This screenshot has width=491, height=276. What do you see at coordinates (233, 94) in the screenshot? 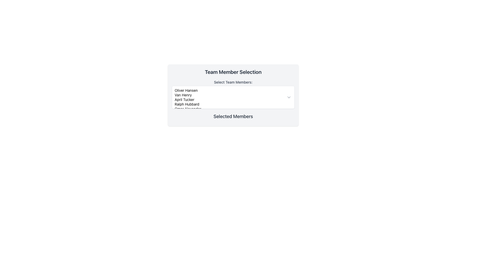
I see `a specific team member from the dropdown list titled 'Select Team Members:' which is located centrally in the interface, under 'Team Member Selection'` at bounding box center [233, 94].